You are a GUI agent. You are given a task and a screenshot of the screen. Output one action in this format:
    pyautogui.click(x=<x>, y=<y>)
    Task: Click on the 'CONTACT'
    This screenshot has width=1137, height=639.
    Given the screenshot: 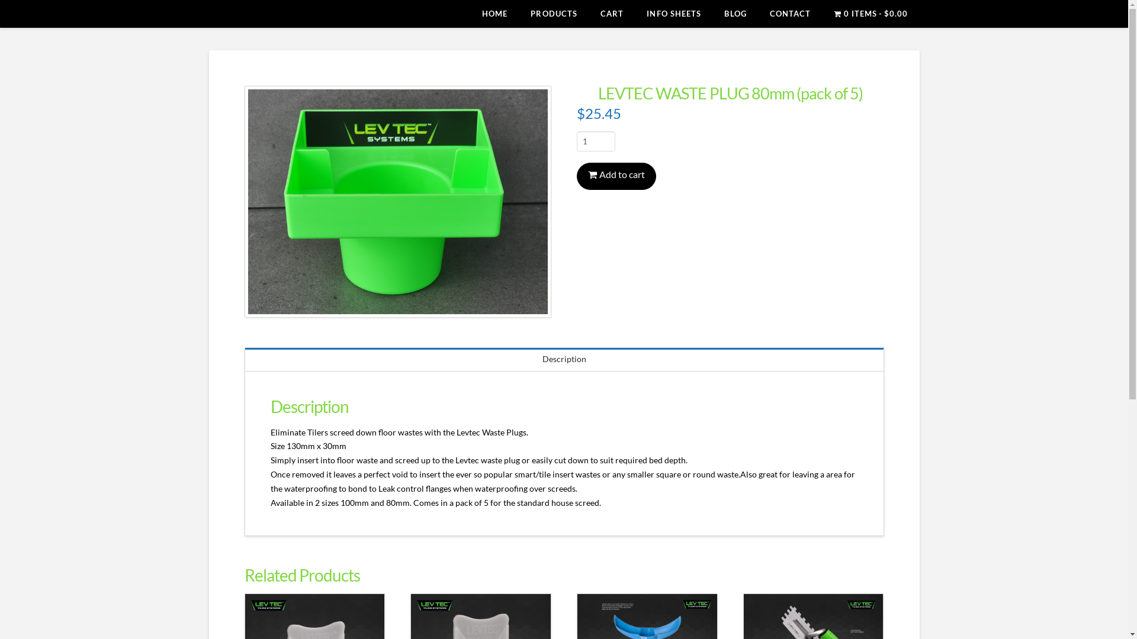 What is the action you would take?
    pyautogui.click(x=790, y=13)
    